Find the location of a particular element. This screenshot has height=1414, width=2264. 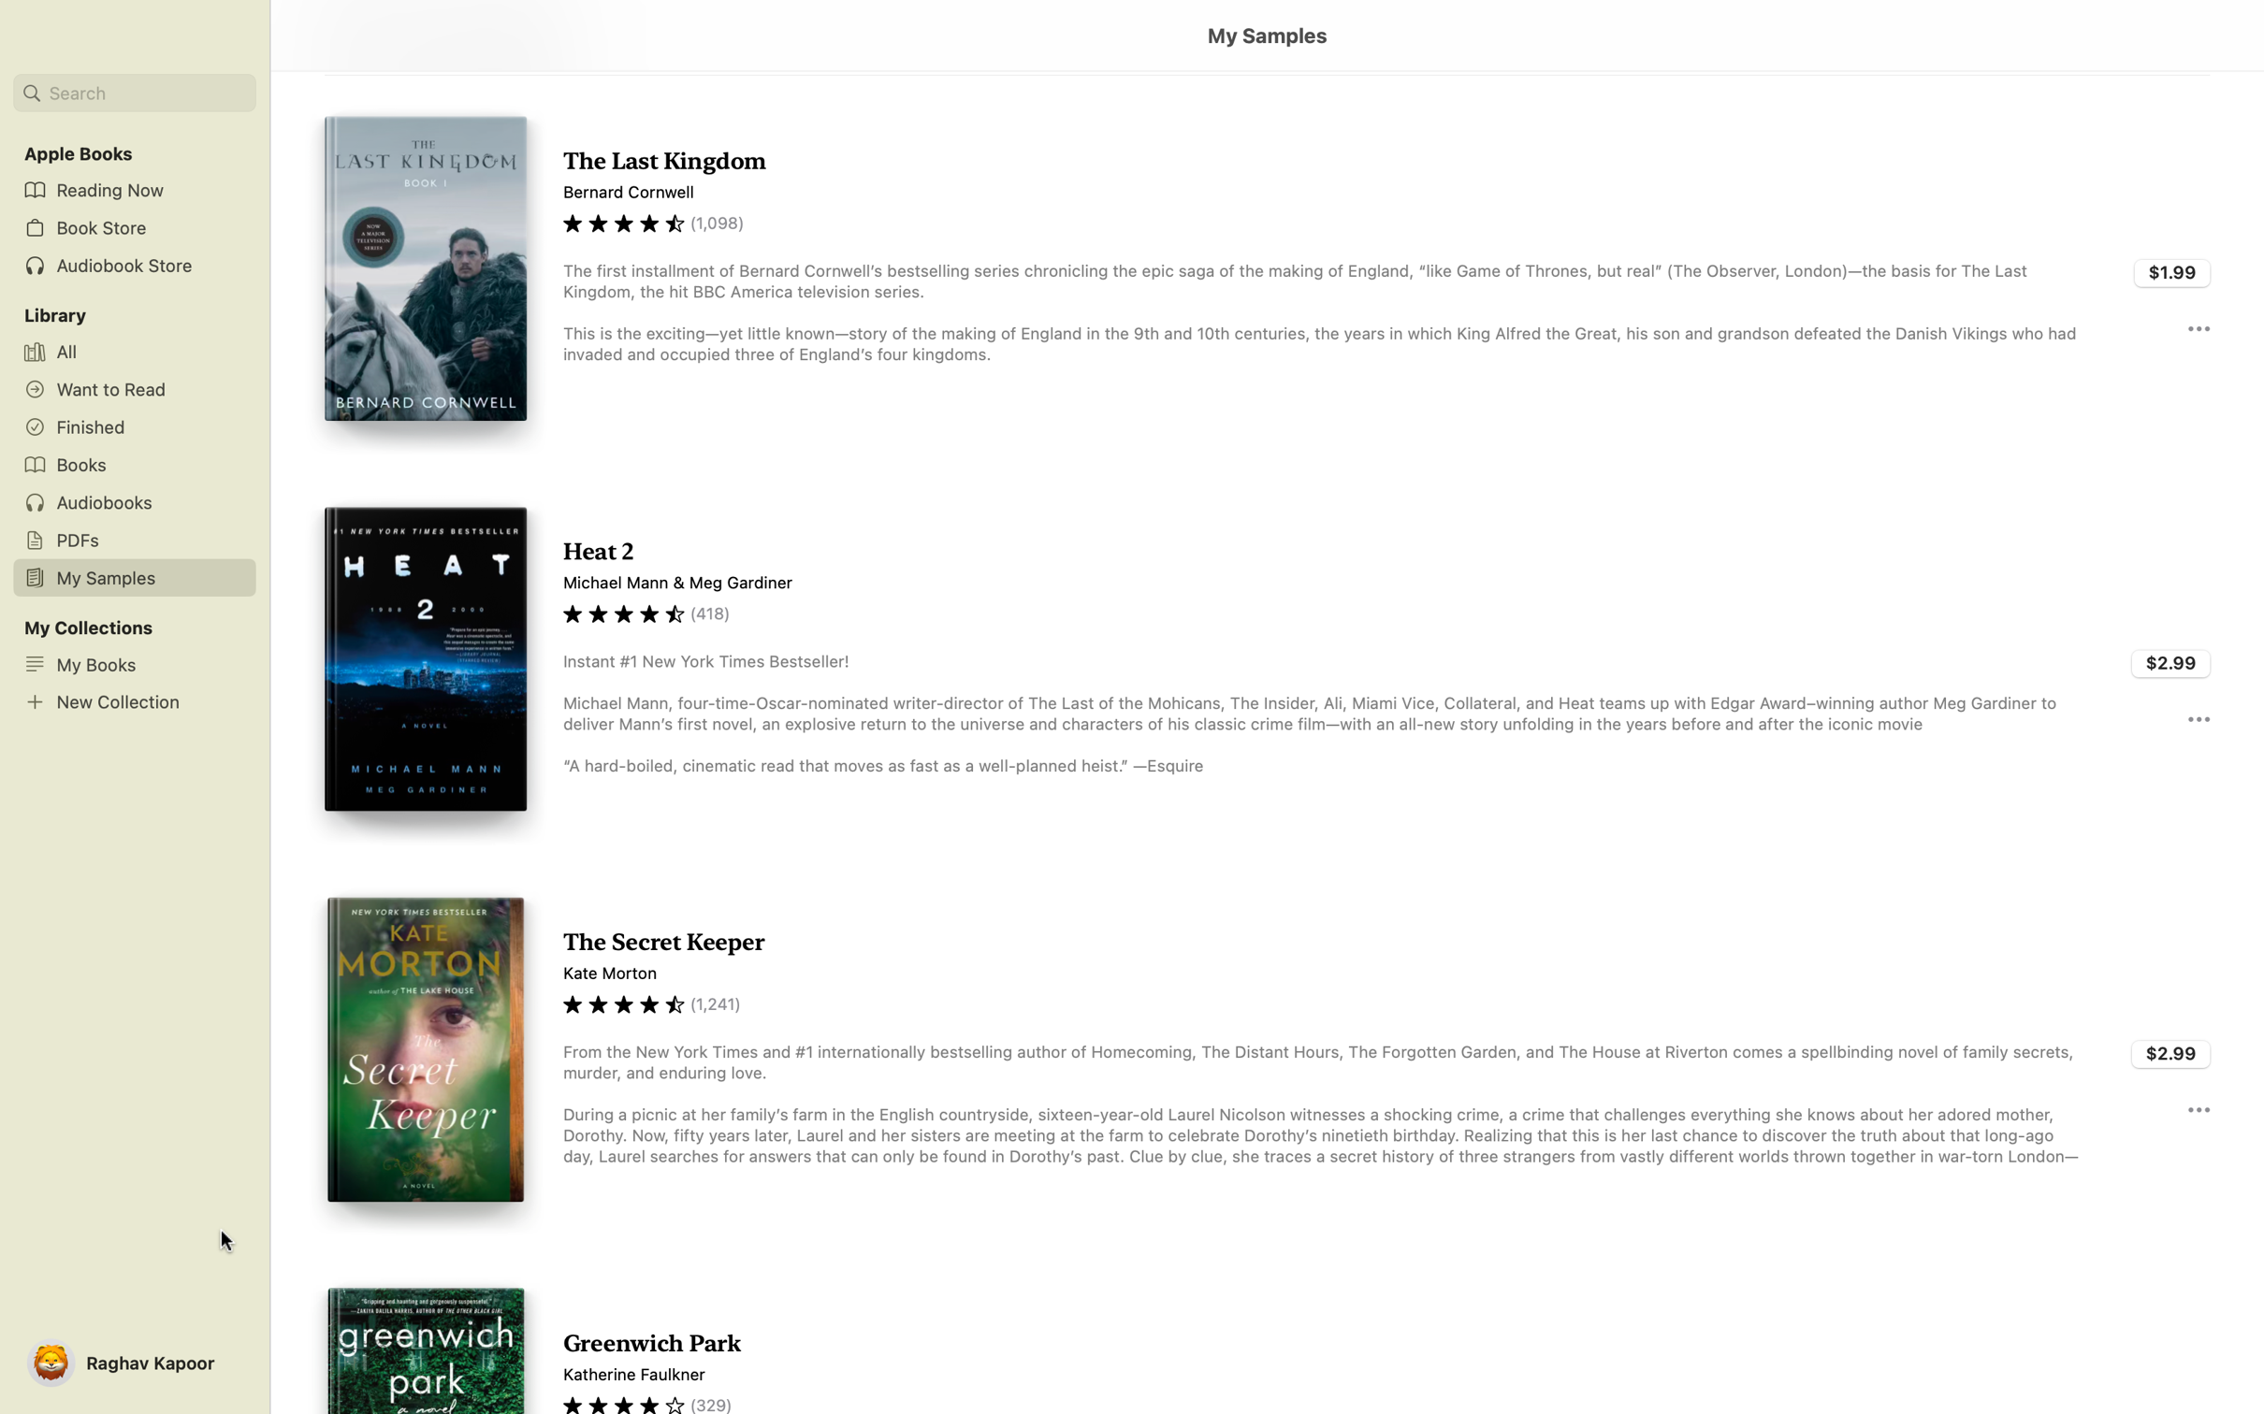

Execute the "read_heat_2" with a double click is located at coordinates (1266, 667).